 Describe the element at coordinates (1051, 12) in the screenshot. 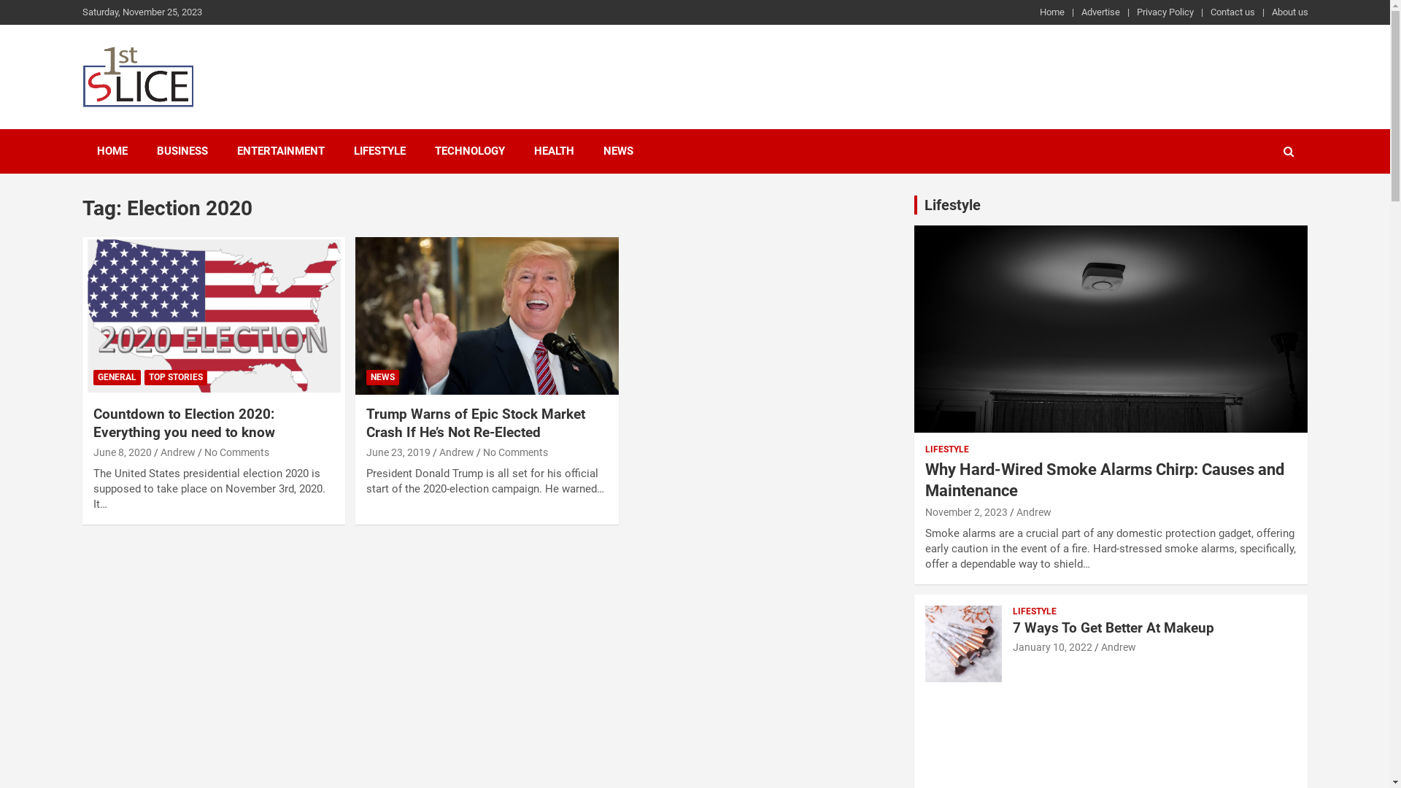

I see `'Home'` at that location.